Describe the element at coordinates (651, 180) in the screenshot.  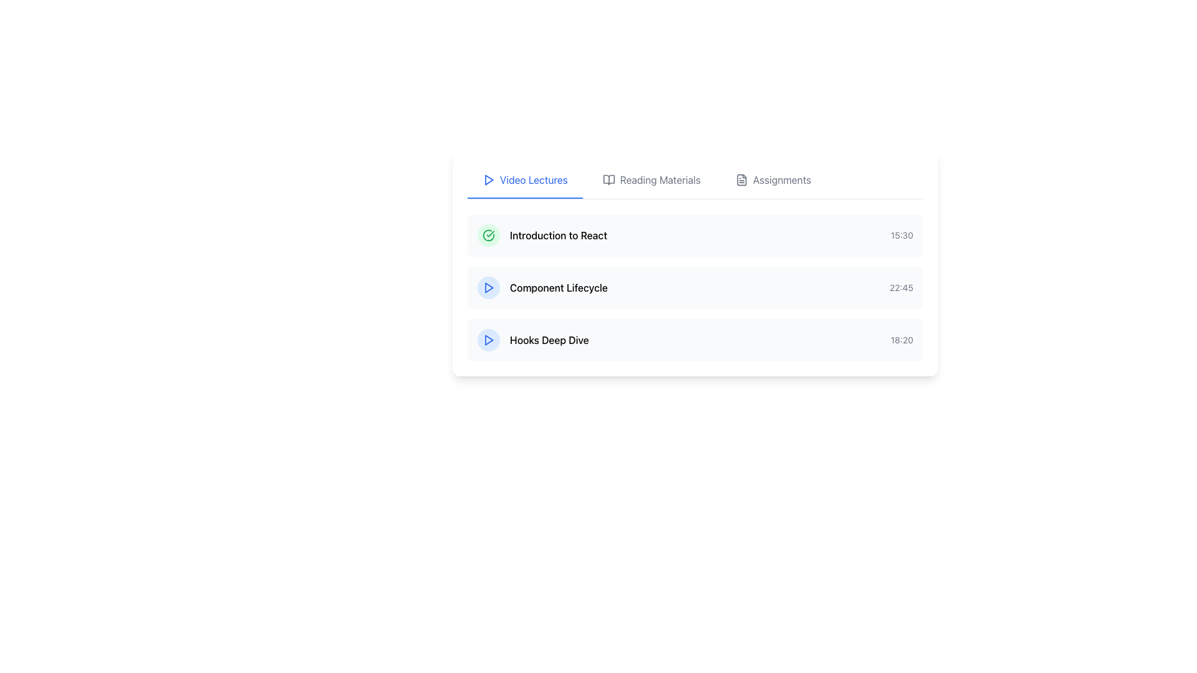
I see `the 'Reading Materials' navigation tab` at that location.